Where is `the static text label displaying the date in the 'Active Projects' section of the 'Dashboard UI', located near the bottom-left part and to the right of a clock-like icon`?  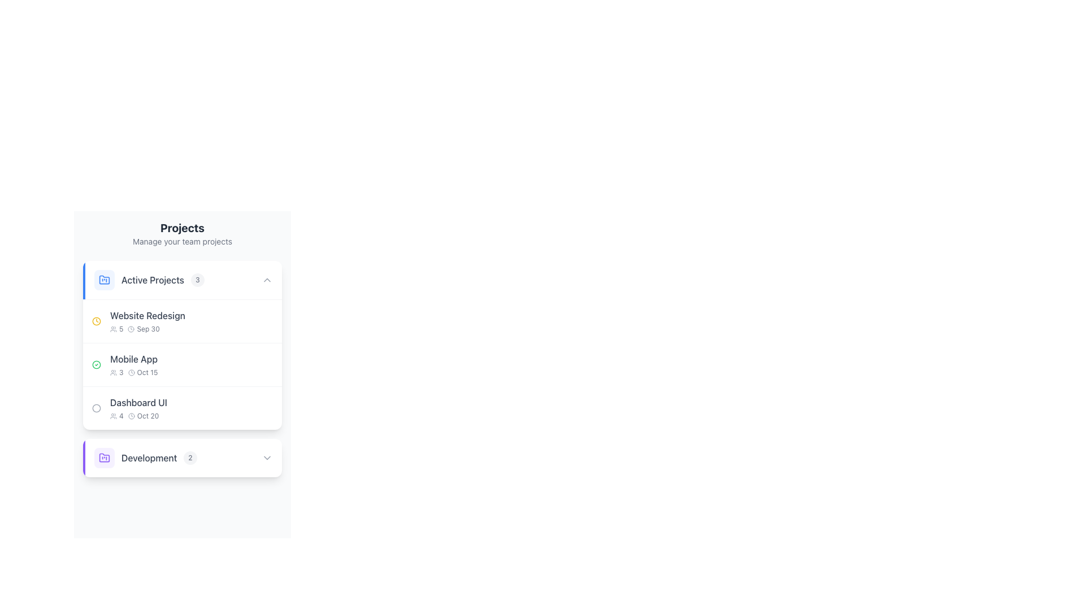
the static text label displaying the date in the 'Active Projects' section of the 'Dashboard UI', located near the bottom-left part and to the right of a clock-like icon is located at coordinates (147, 416).